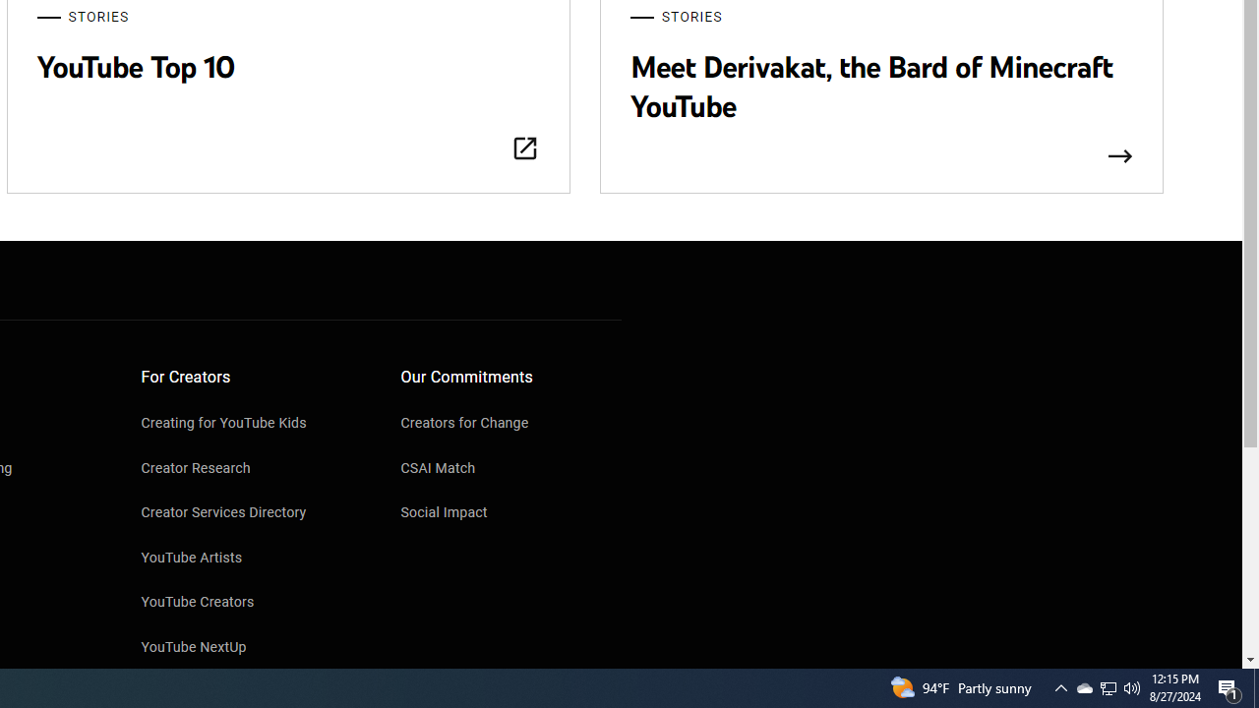 This screenshot has width=1259, height=708. What do you see at coordinates (251, 470) in the screenshot?
I see `'Creator Research'` at bounding box center [251, 470].